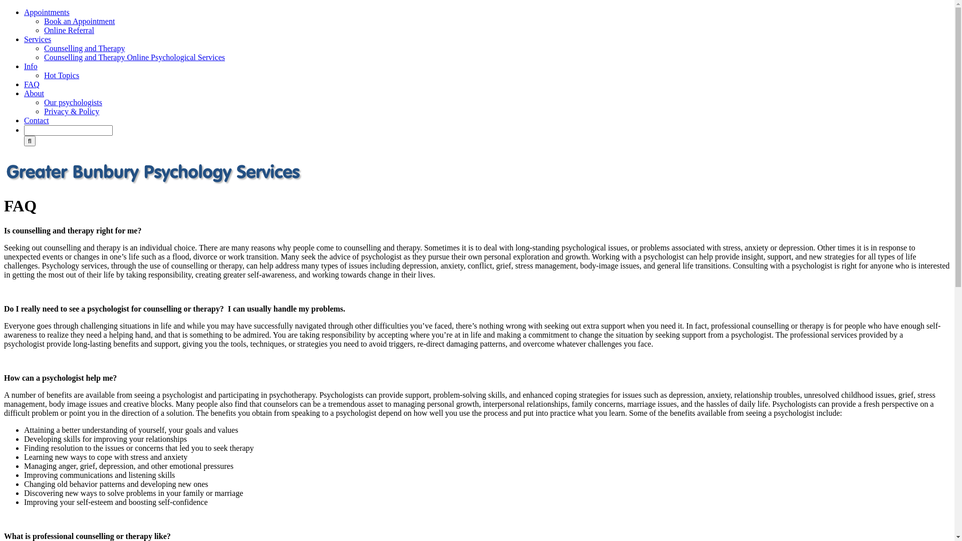 This screenshot has width=962, height=541. Describe the element at coordinates (72, 102) in the screenshot. I see `'Our psychologists'` at that location.